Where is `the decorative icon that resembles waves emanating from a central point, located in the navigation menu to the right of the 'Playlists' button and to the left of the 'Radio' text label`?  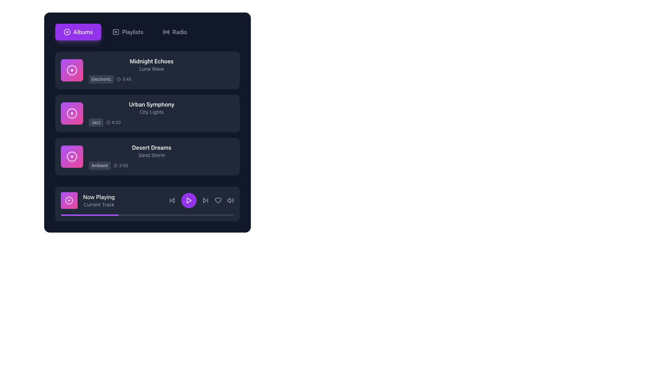 the decorative icon that resembles waves emanating from a central point, located in the navigation menu to the right of the 'Playlists' button and to the left of the 'Radio' text label is located at coordinates (166, 32).